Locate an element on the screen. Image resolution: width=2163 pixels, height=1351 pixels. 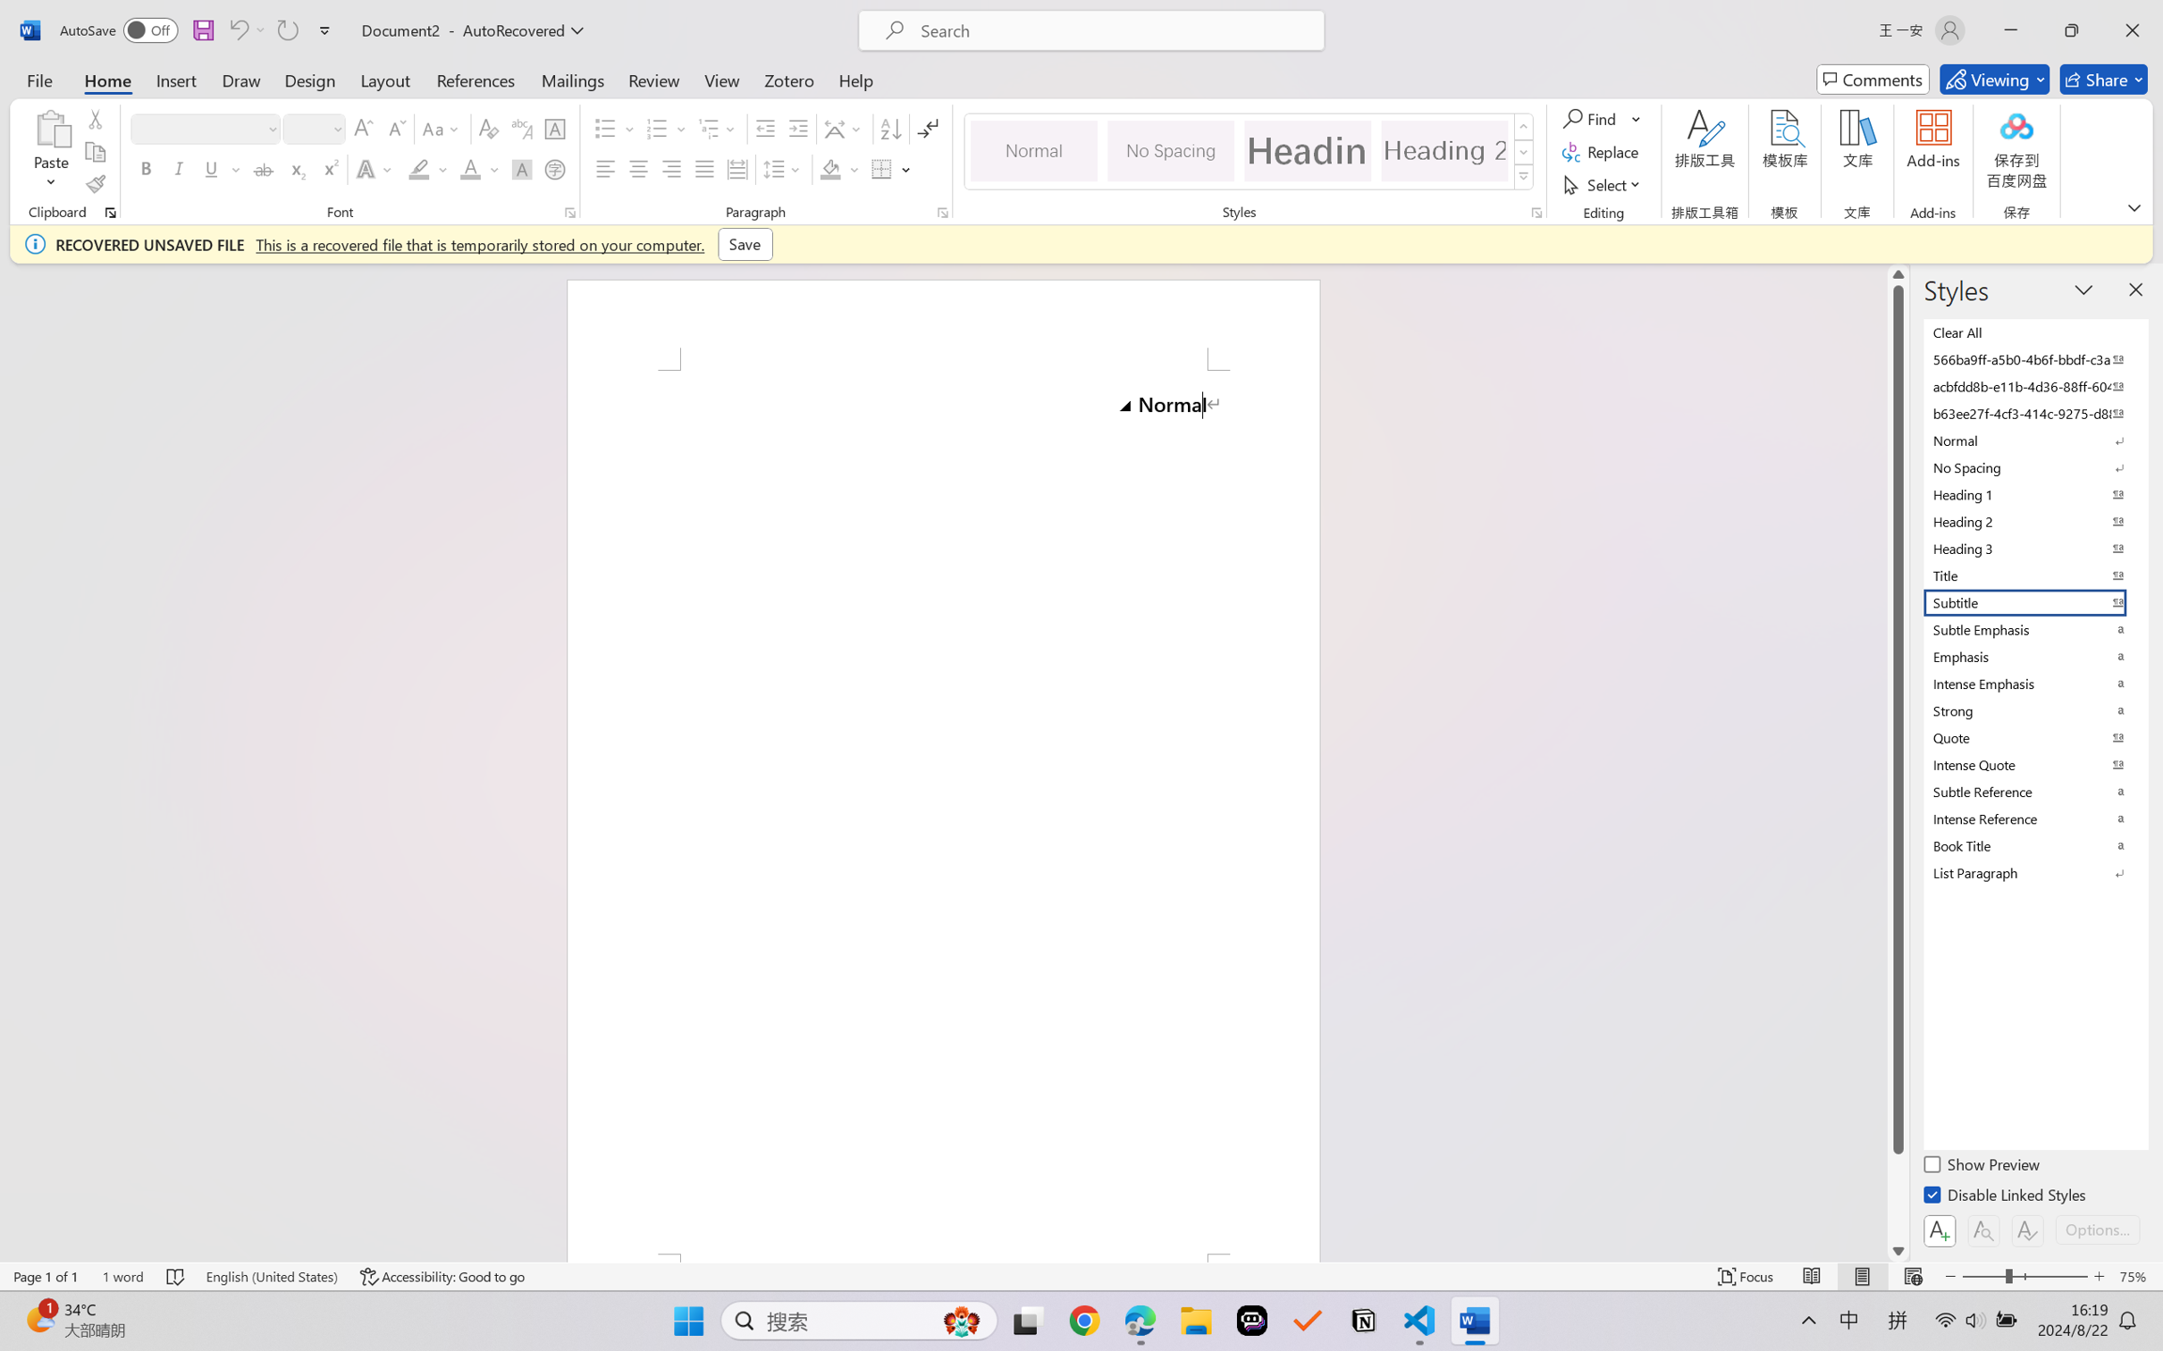
'Can' is located at coordinates (237, 29).